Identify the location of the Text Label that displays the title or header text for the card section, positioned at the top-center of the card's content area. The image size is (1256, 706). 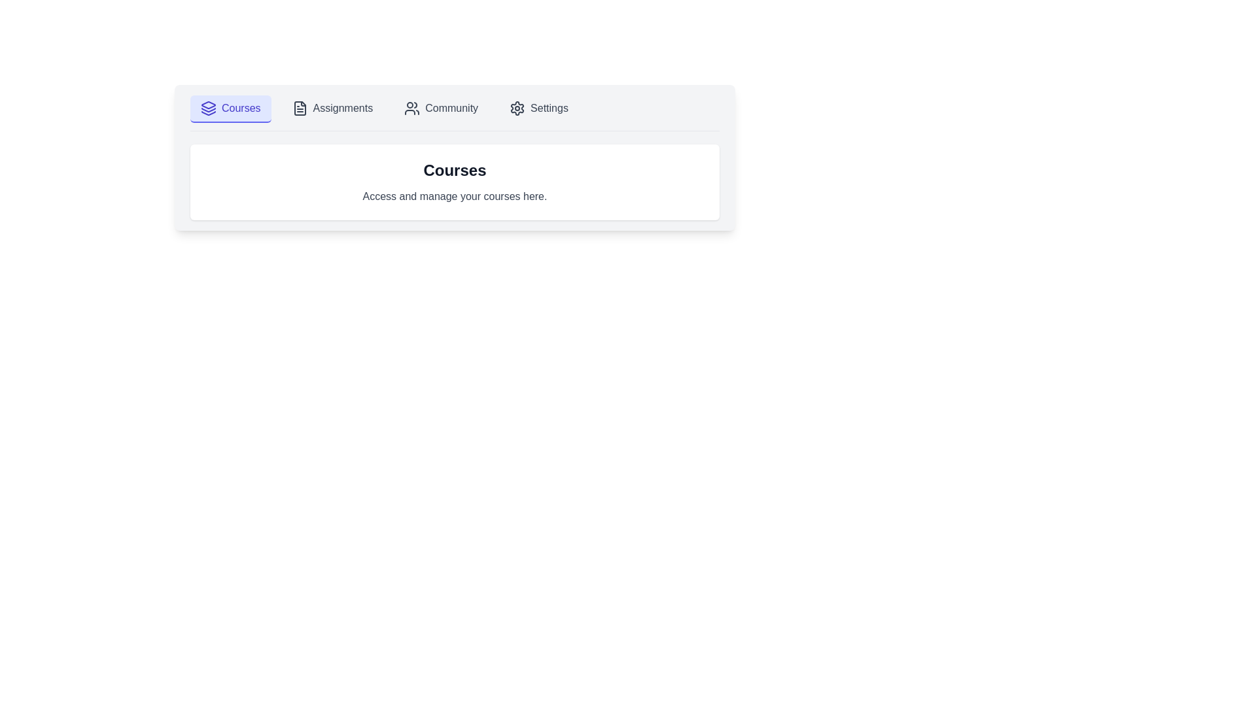
(455, 170).